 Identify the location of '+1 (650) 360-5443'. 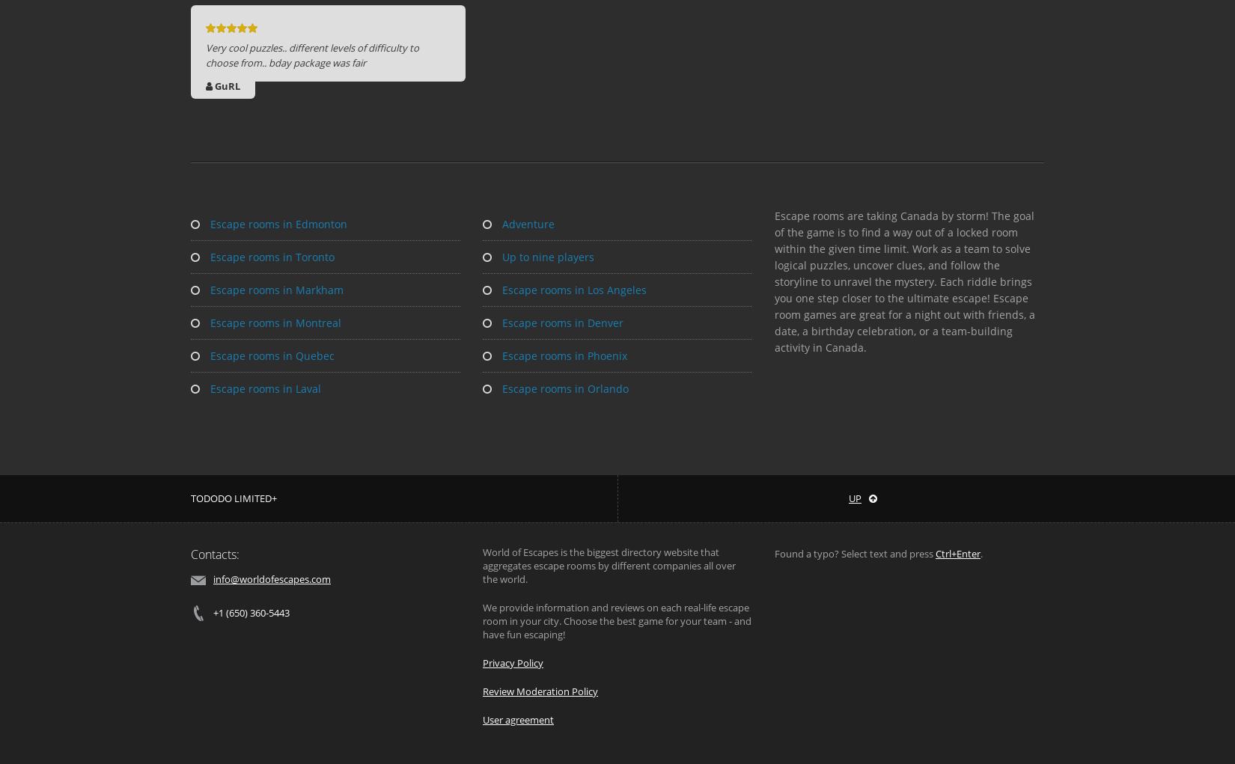
(251, 611).